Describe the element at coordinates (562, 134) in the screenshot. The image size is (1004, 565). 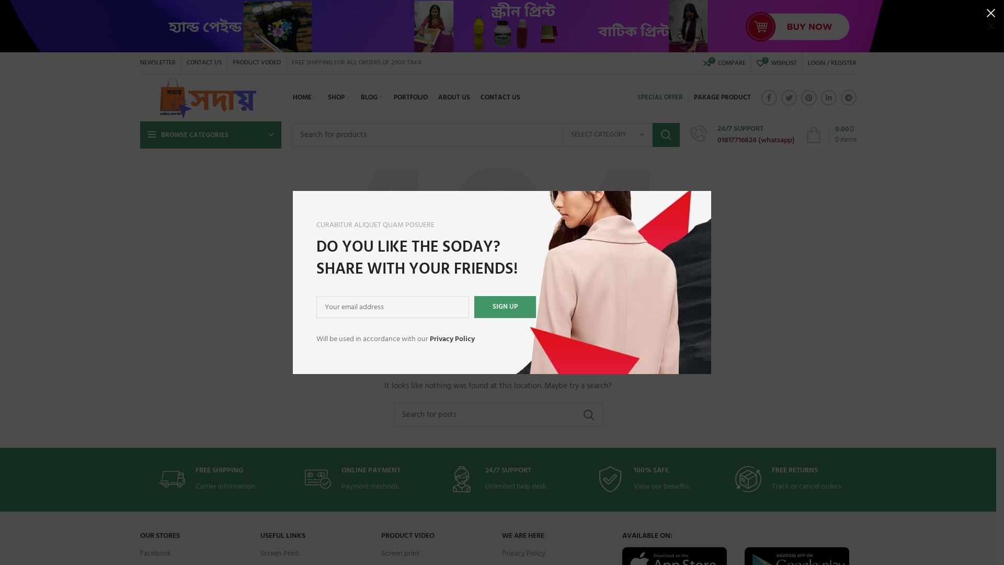
I see `'SELECT CATEGORY'` at that location.